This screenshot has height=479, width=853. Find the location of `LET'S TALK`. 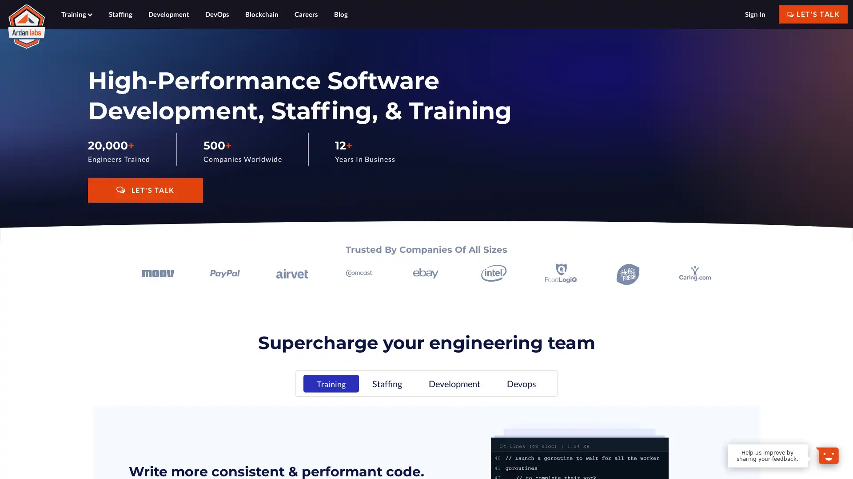

LET'S TALK is located at coordinates (813, 14).